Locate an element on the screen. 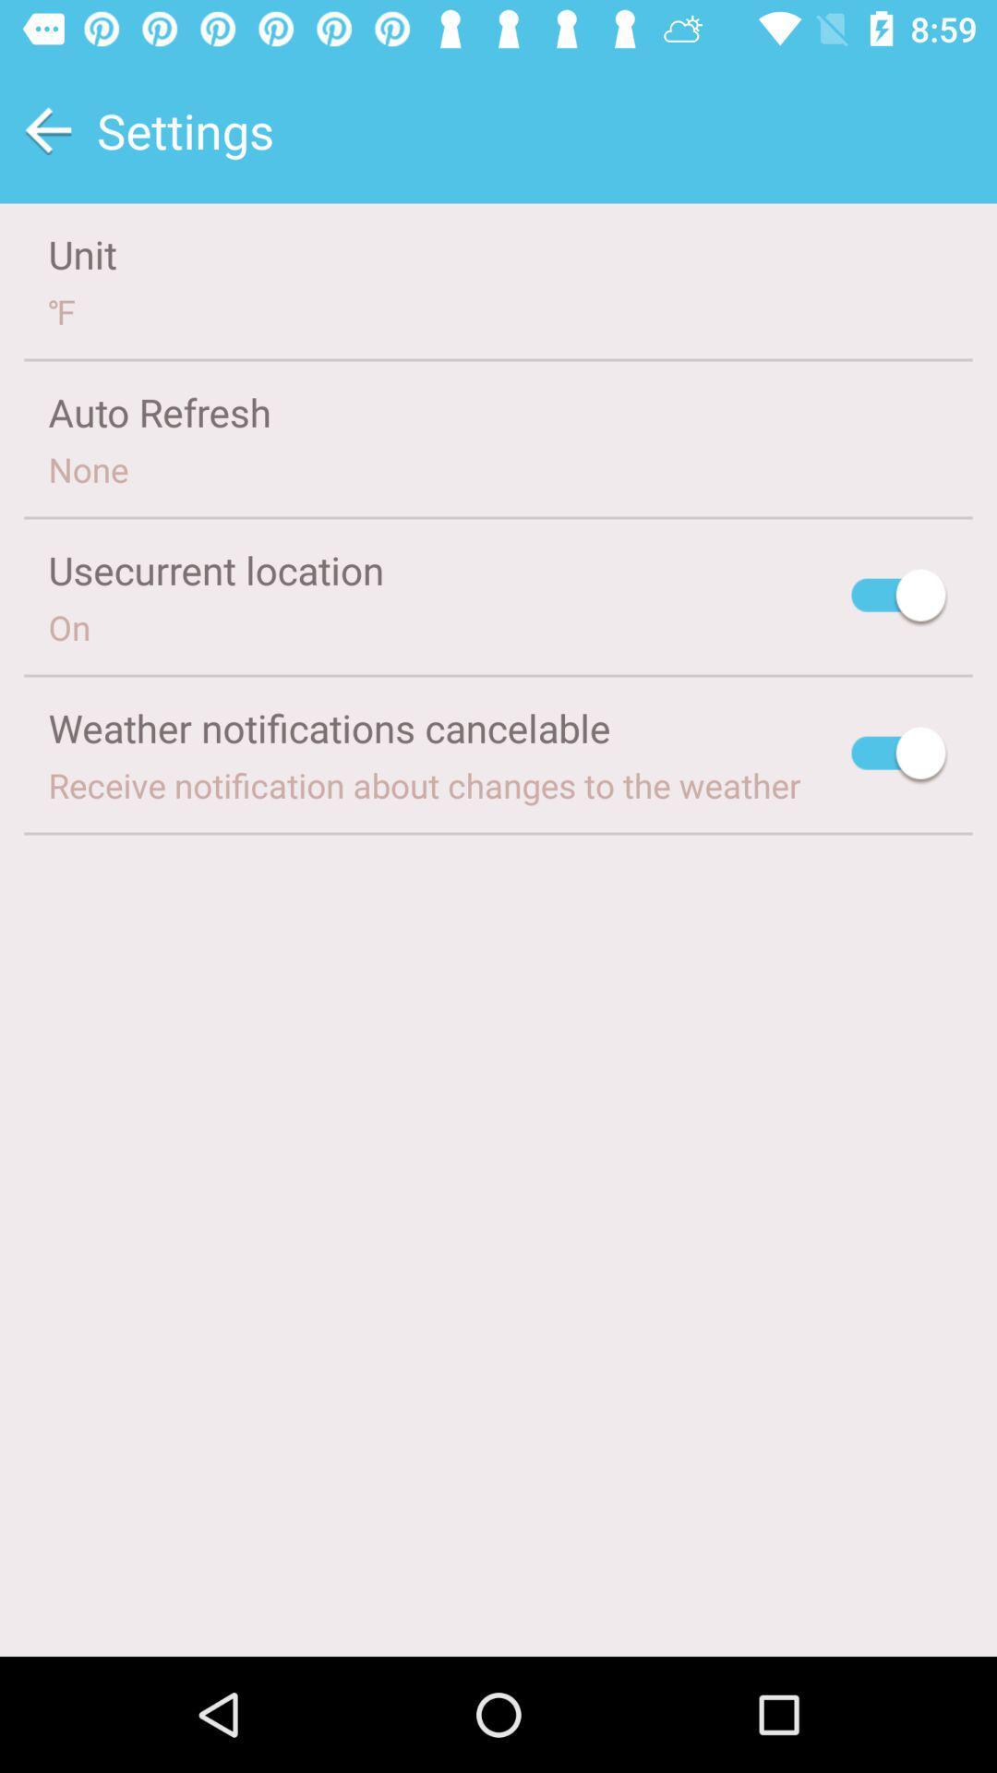 This screenshot has height=1773, width=997. go back is located at coordinates (47, 129).